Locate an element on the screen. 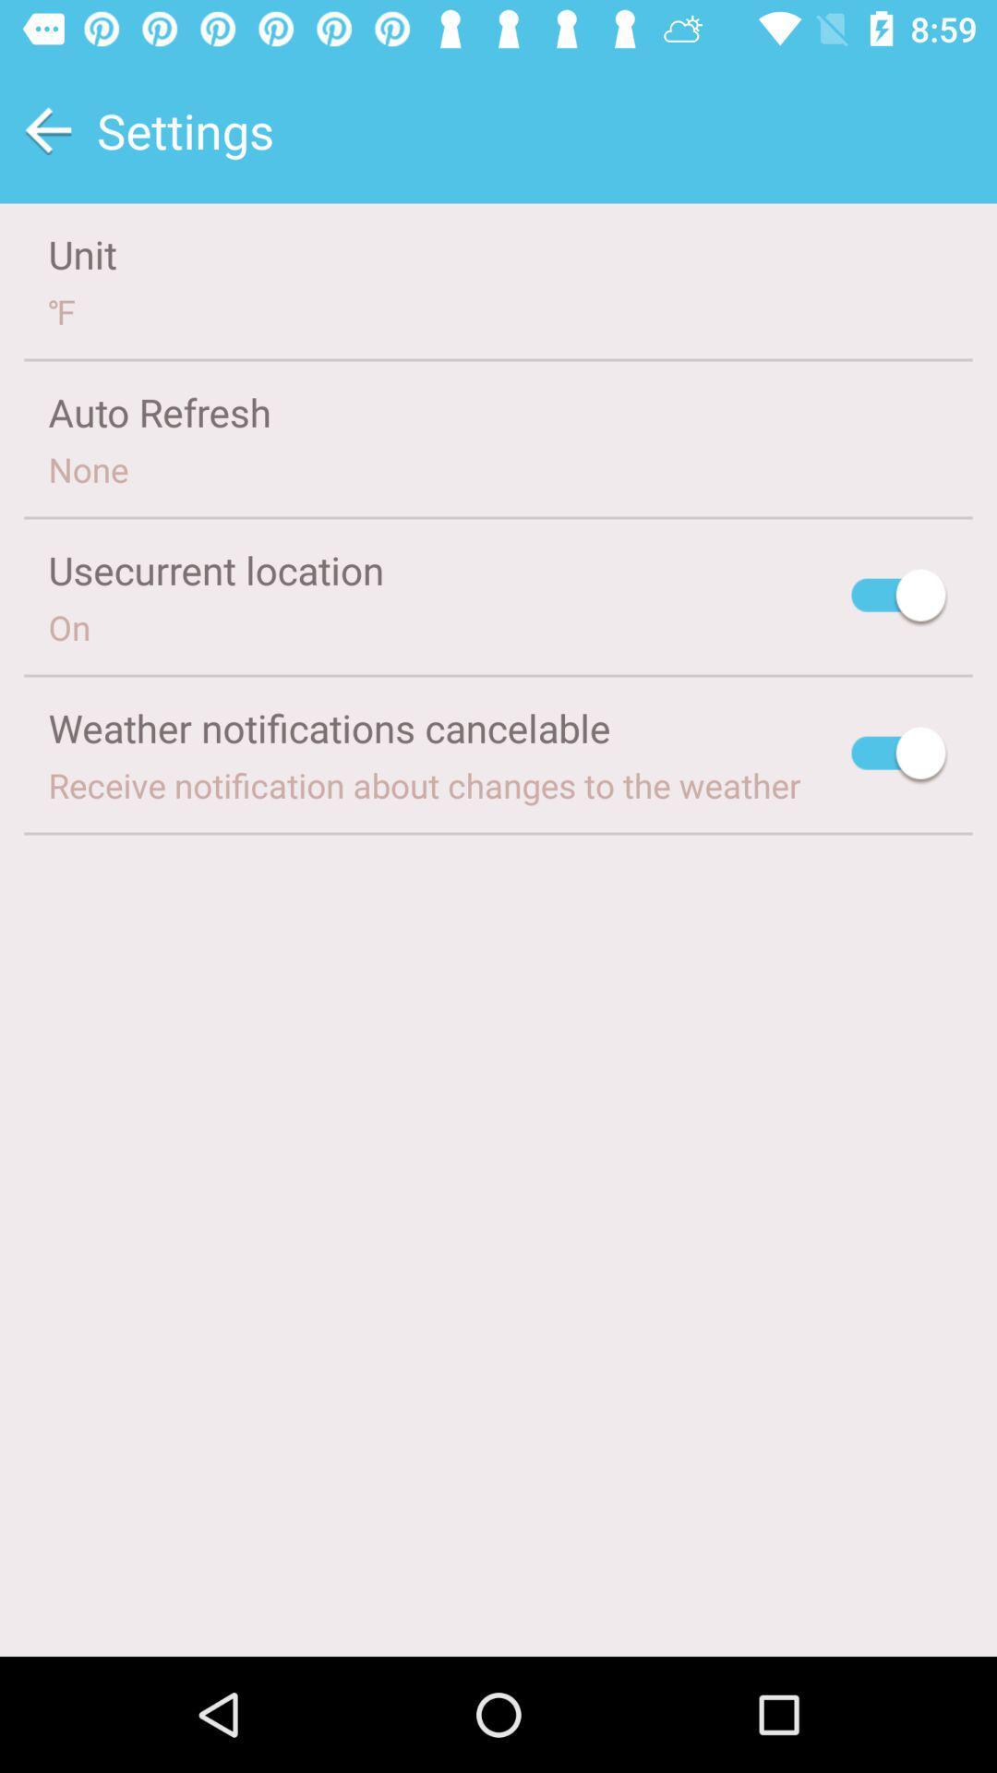 This screenshot has height=1773, width=997. go back is located at coordinates (47, 129).